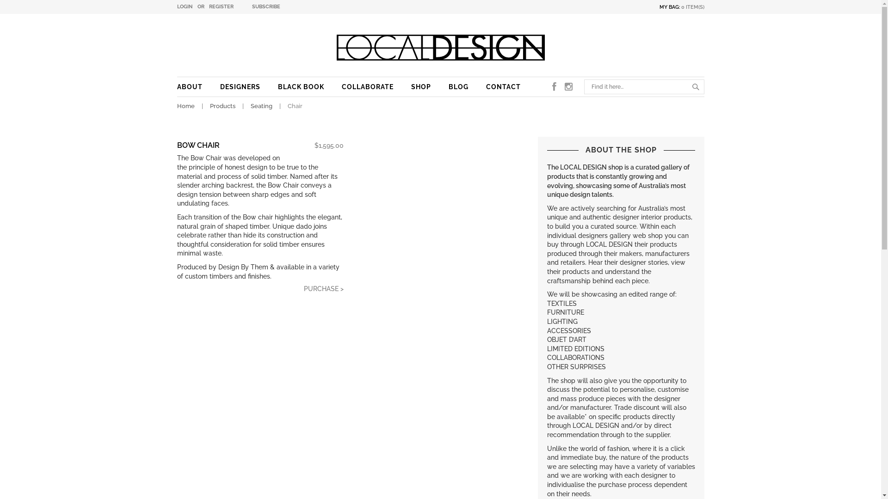 The image size is (888, 499). Describe the element at coordinates (420, 87) in the screenshot. I see `'SHOP'` at that location.